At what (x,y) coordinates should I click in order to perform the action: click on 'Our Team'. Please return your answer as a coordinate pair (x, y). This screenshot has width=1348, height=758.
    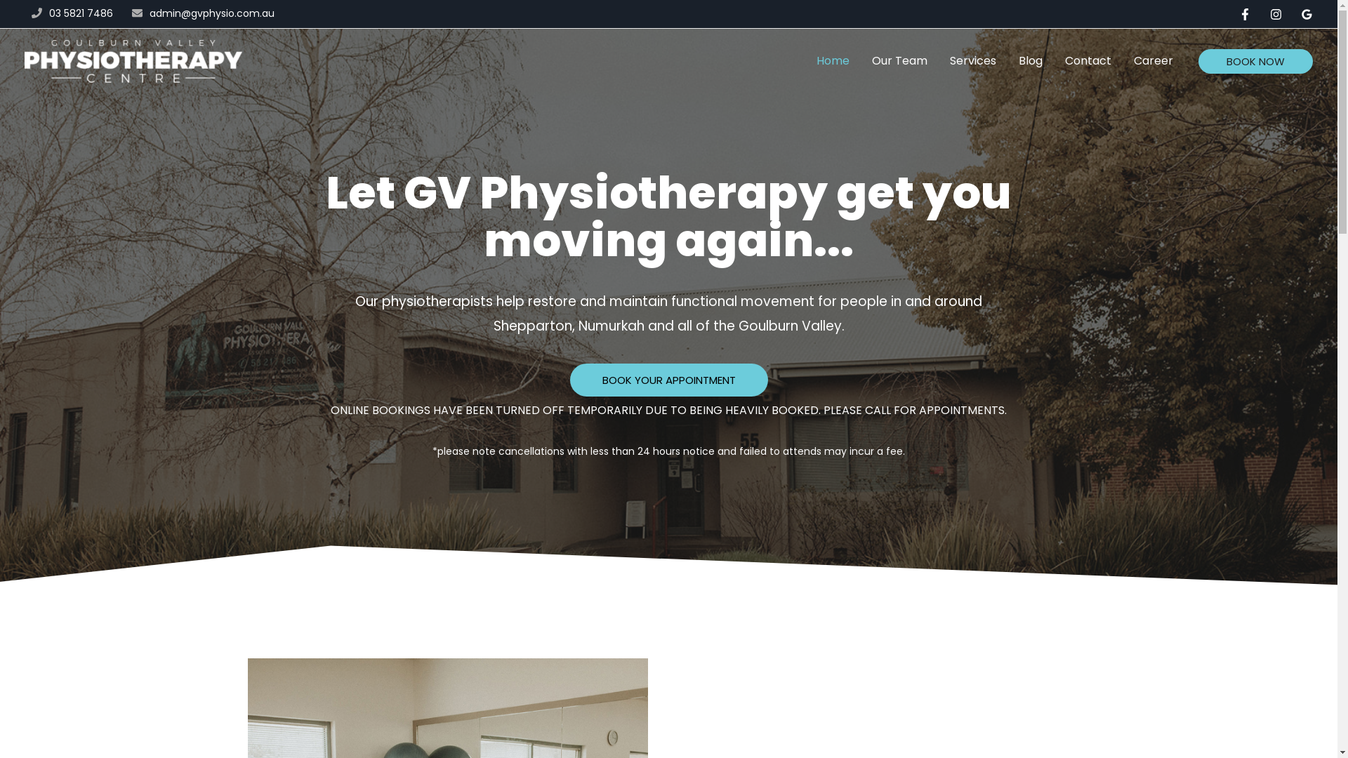
    Looking at the image, I should click on (859, 60).